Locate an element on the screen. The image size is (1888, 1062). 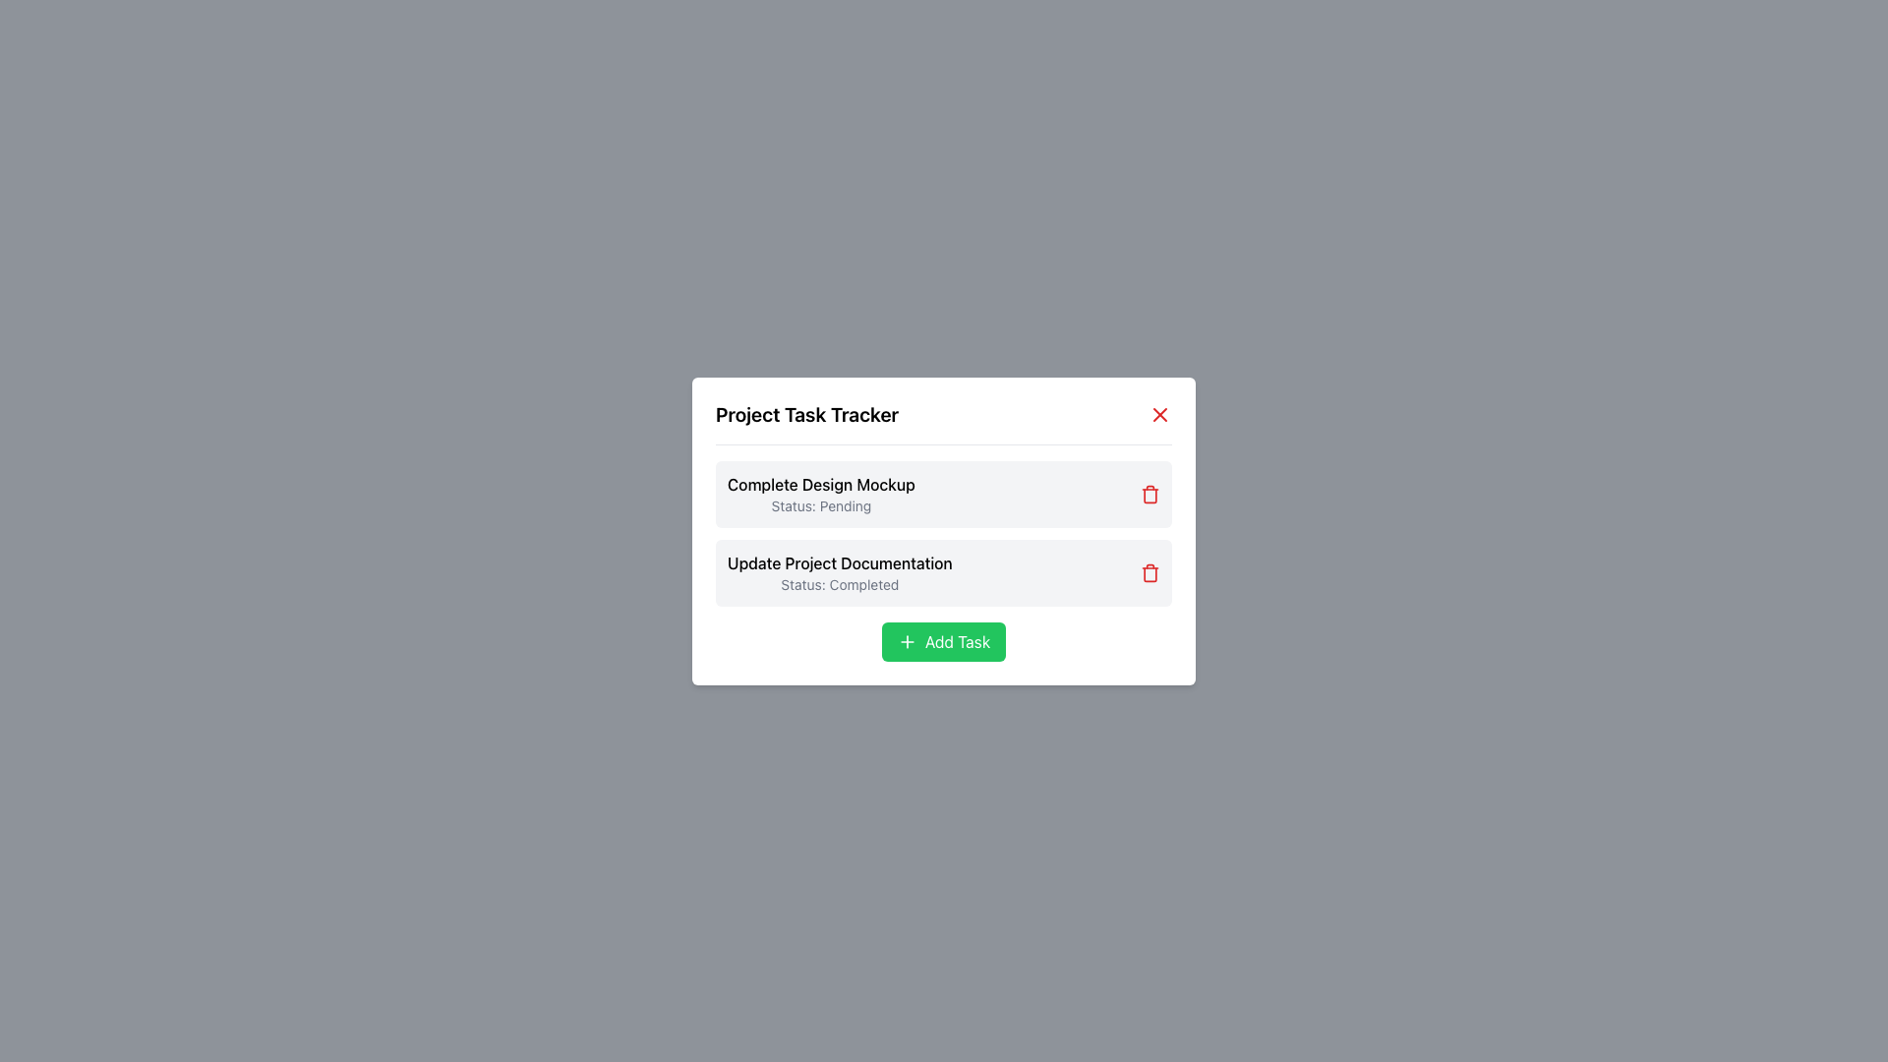
the Task Item Display containing 'Complete Design Mockup' and 'Status: Pending' text, which is located on the first row of the task list in the task manager interface is located at coordinates (821, 493).